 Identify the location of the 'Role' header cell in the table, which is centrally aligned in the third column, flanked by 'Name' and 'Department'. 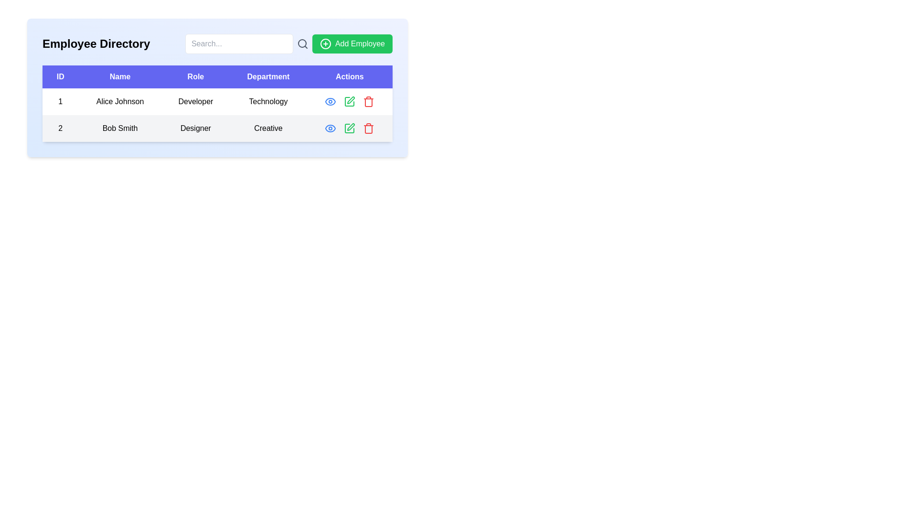
(195, 76).